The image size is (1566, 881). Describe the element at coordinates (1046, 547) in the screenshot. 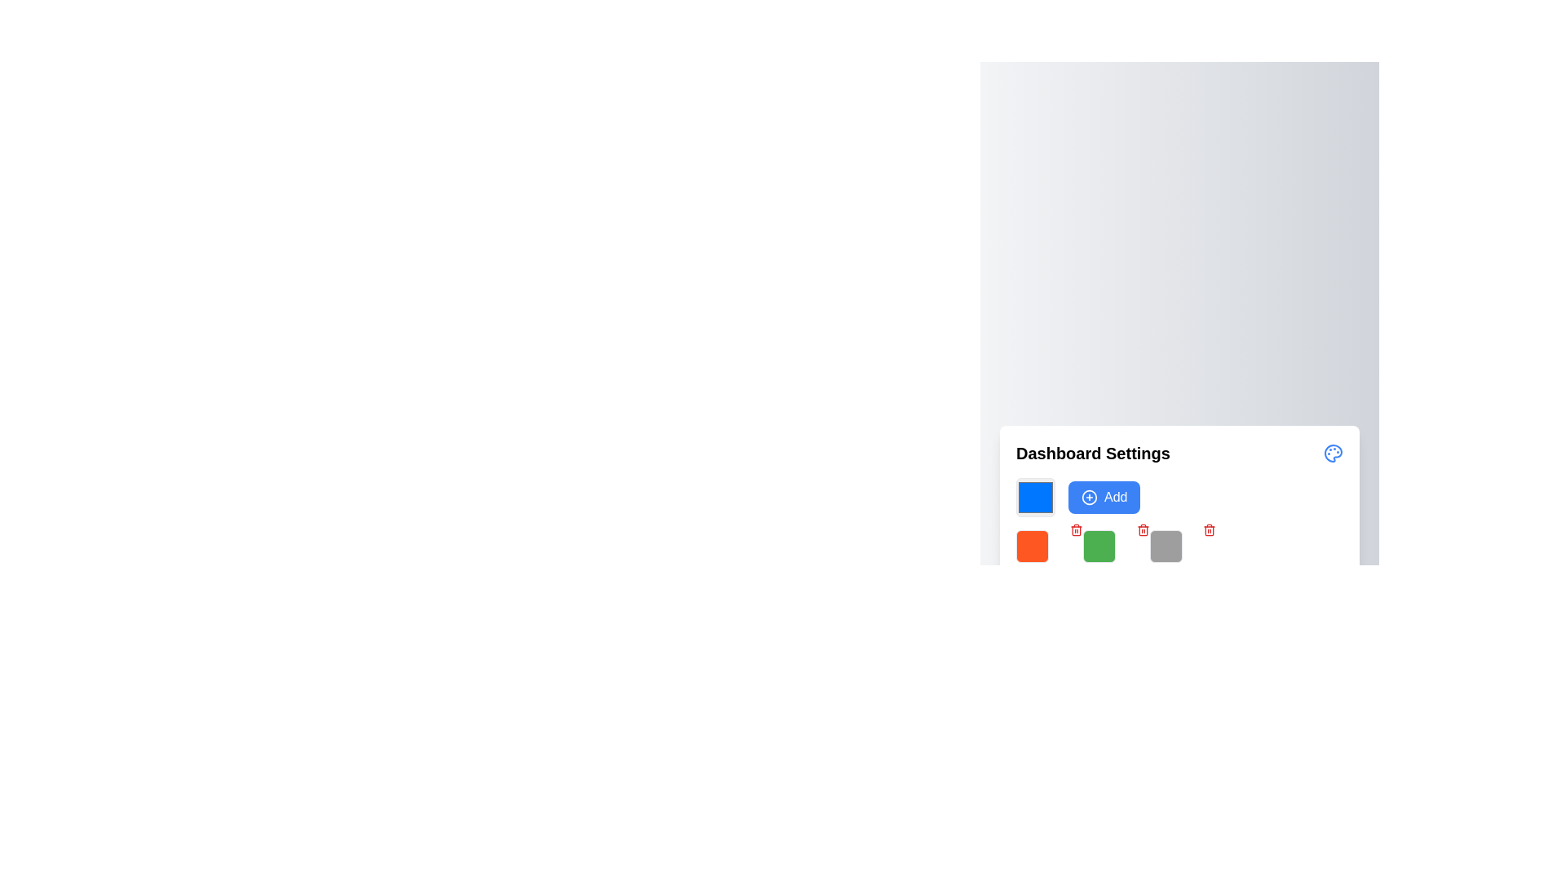

I see `the first colored box in the second row of the grid layout, which serves as a visual color indicator and may be interactive` at that location.